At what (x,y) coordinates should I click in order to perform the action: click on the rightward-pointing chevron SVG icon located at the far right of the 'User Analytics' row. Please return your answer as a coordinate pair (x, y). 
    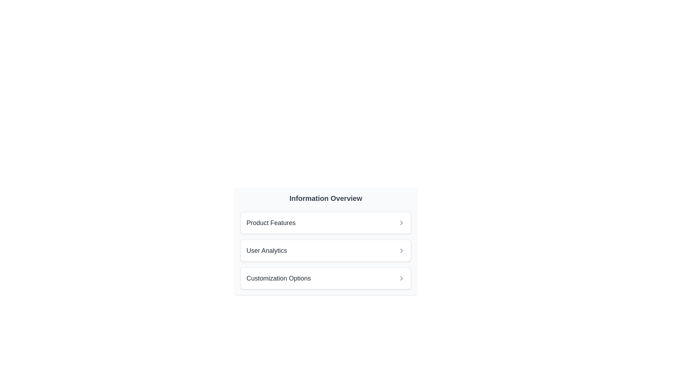
    Looking at the image, I should click on (401, 250).